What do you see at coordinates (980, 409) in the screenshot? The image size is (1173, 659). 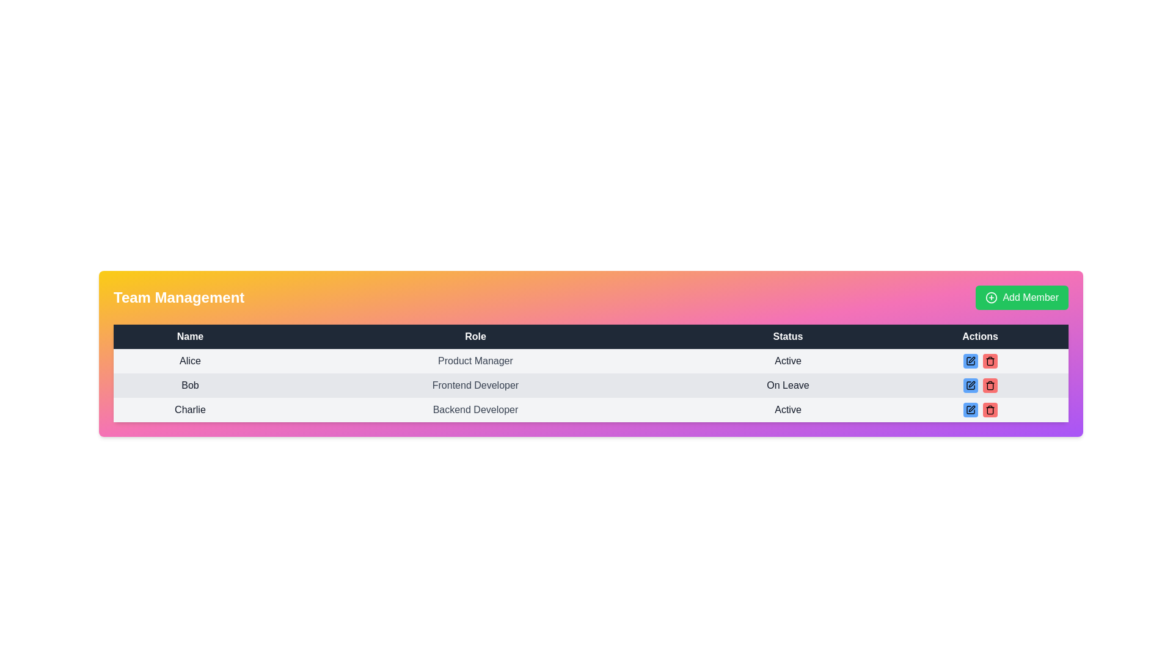 I see `the blue button in the 'Actions' column of the last row for the user 'Charlie'` at bounding box center [980, 409].